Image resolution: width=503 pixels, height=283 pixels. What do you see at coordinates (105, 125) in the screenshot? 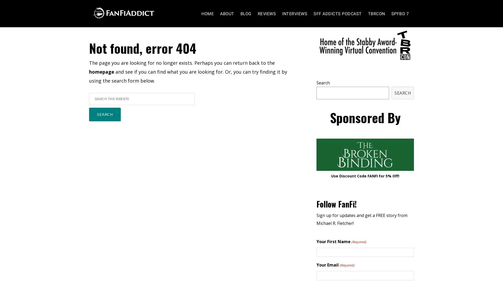
I see `Search` at bounding box center [105, 125].